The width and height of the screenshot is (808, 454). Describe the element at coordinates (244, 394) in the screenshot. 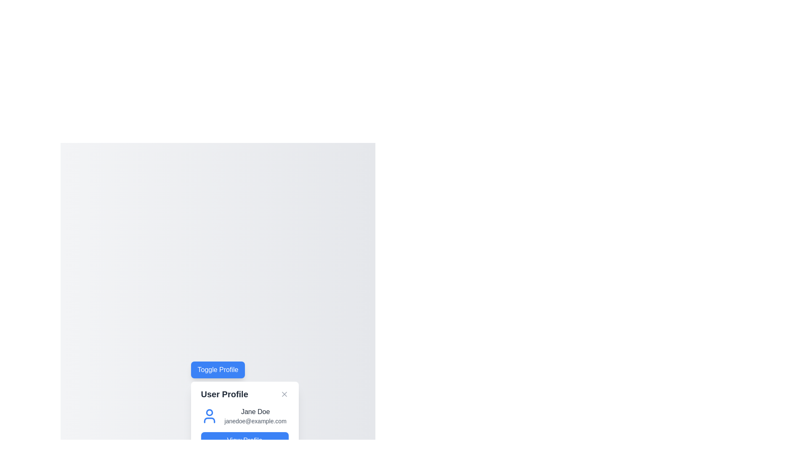

I see `the Header text element that serves as a title for the dropdown menu, positioned above user details and interactive action buttons` at that location.